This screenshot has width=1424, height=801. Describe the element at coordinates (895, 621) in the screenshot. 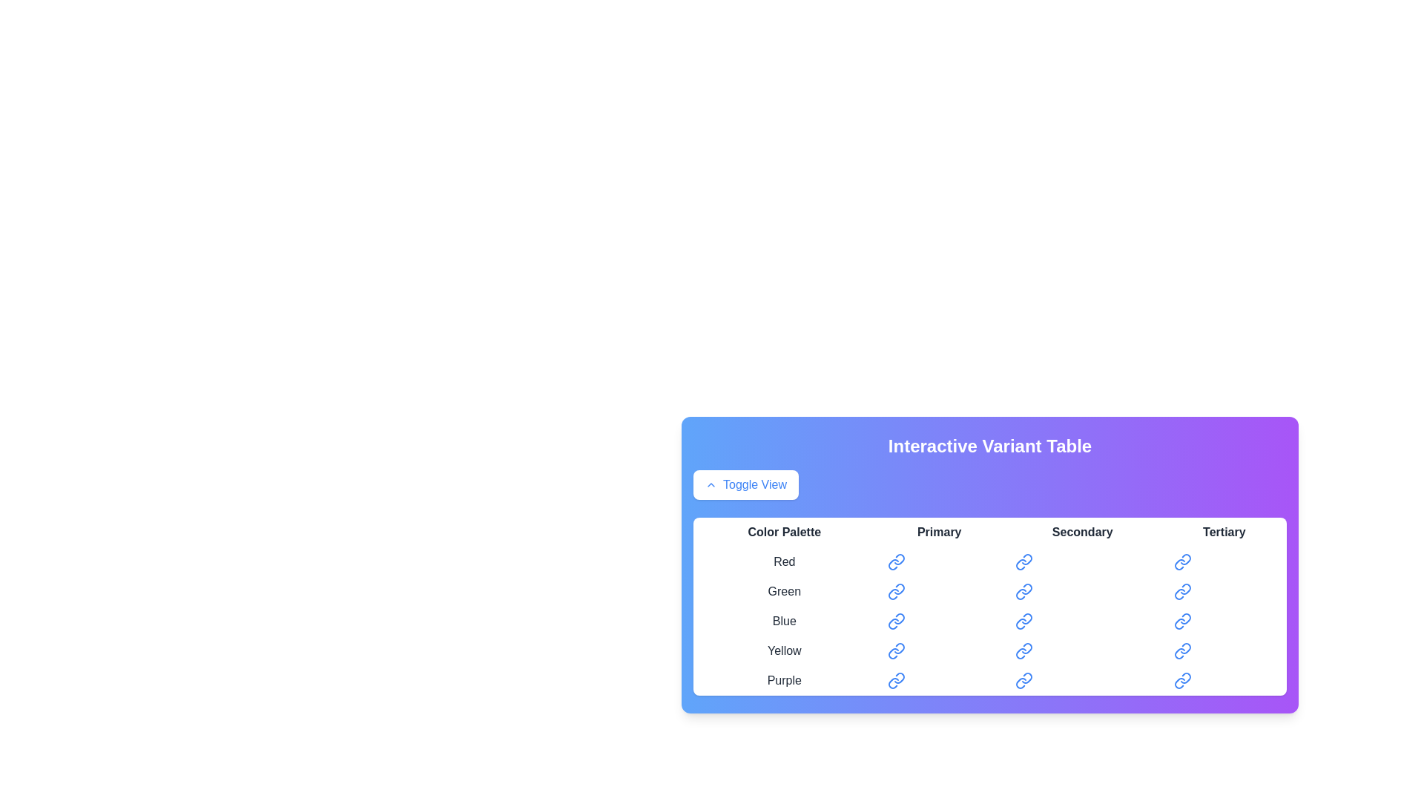

I see `the Link icon located in the third row and second column of the table inside the card, which is part of the 'Primary' column under the 'Blue' row` at that location.